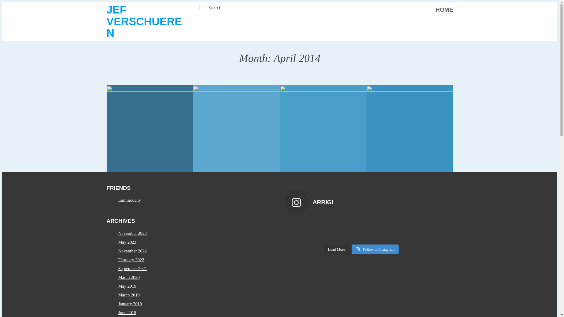  What do you see at coordinates (132, 268) in the screenshot?
I see `'September 2021'` at bounding box center [132, 268].